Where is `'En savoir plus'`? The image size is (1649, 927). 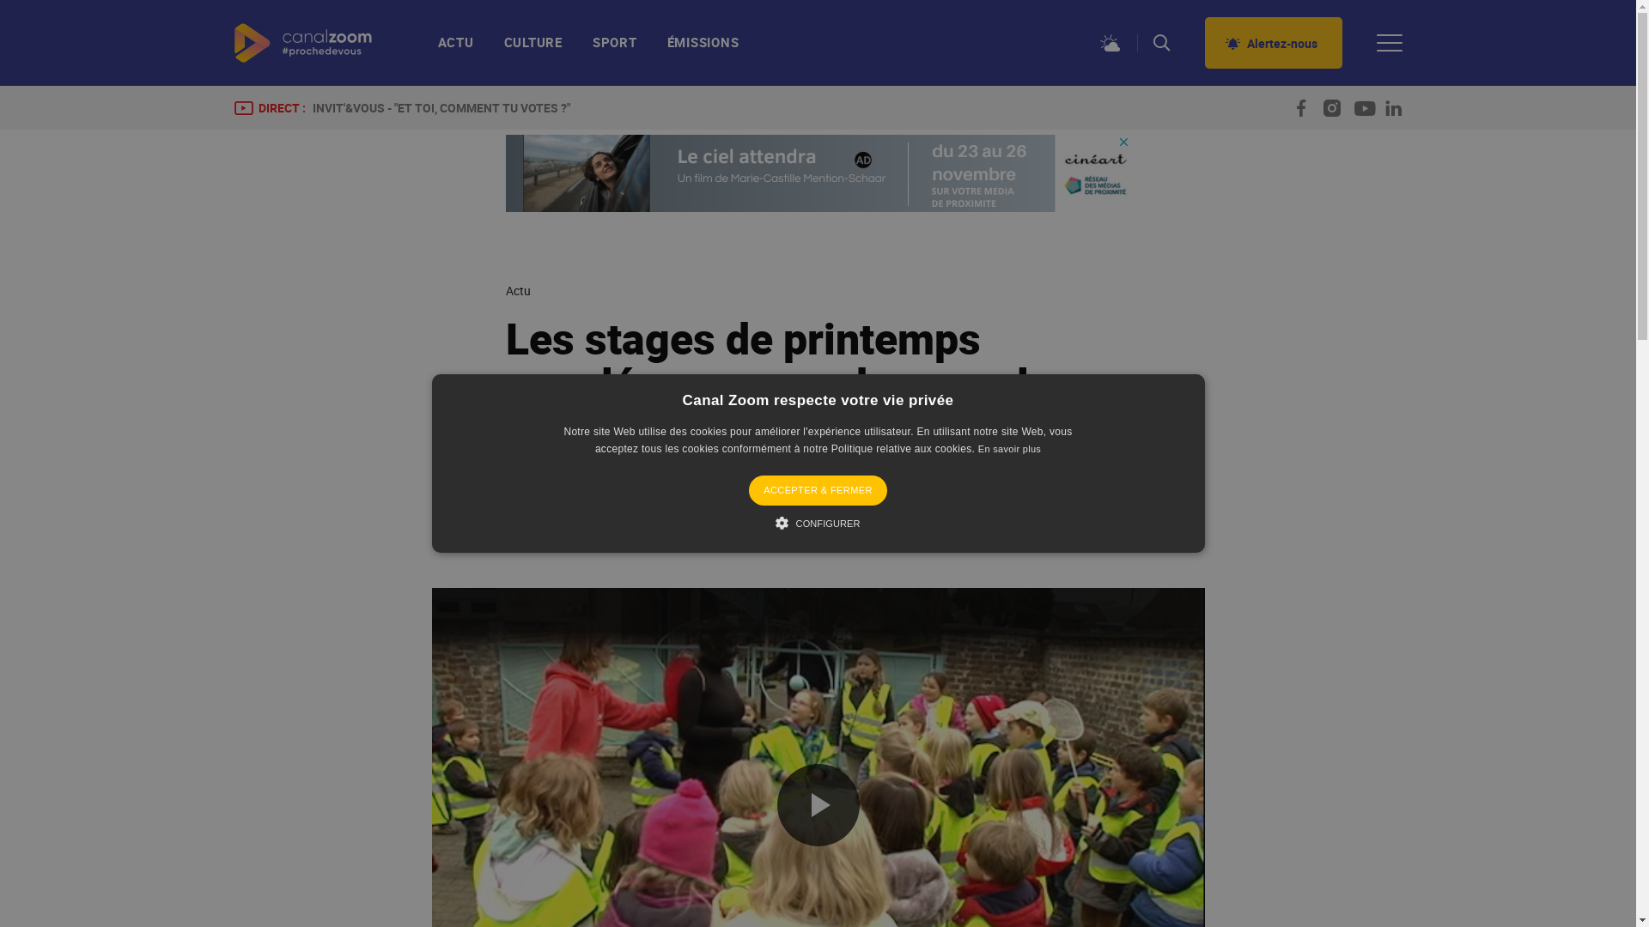 'En savoir plus' is located at coordinates (1009, 448).